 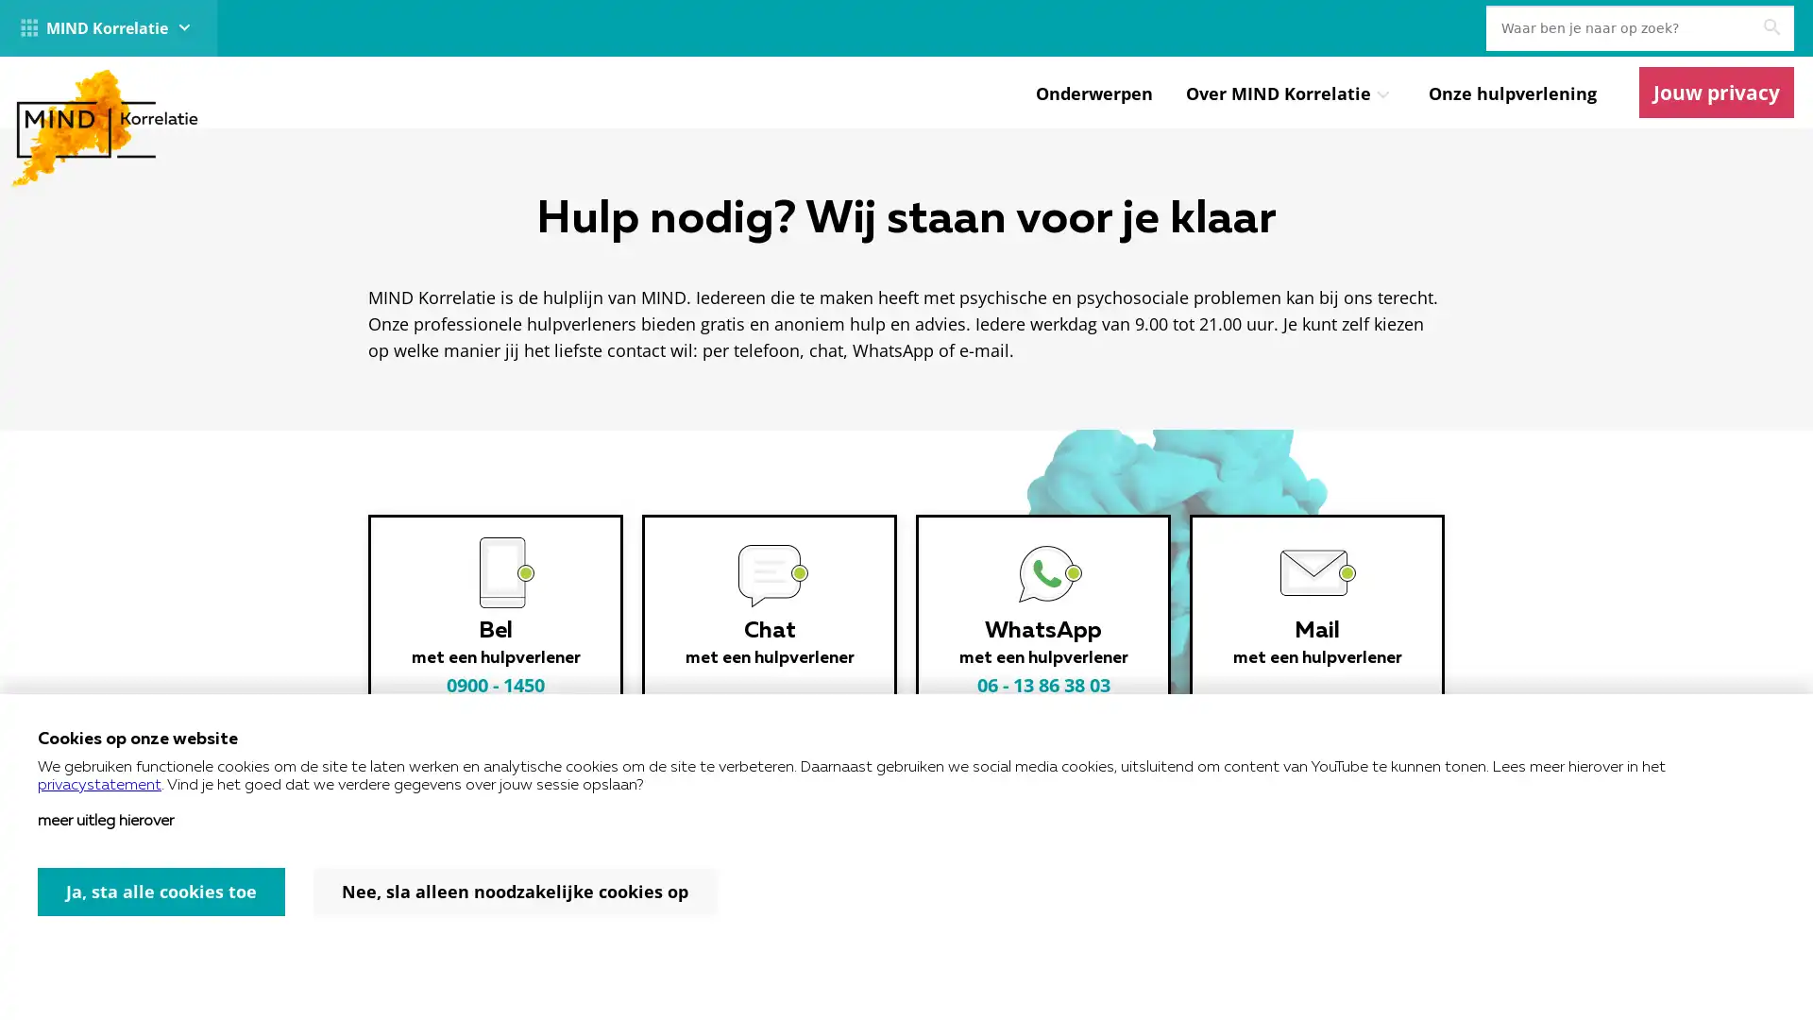 What do you see at coordinates (161, 892) in the screenshot?
I see `Ja, sta alle cookies toe` at bounding box center [161, 892].